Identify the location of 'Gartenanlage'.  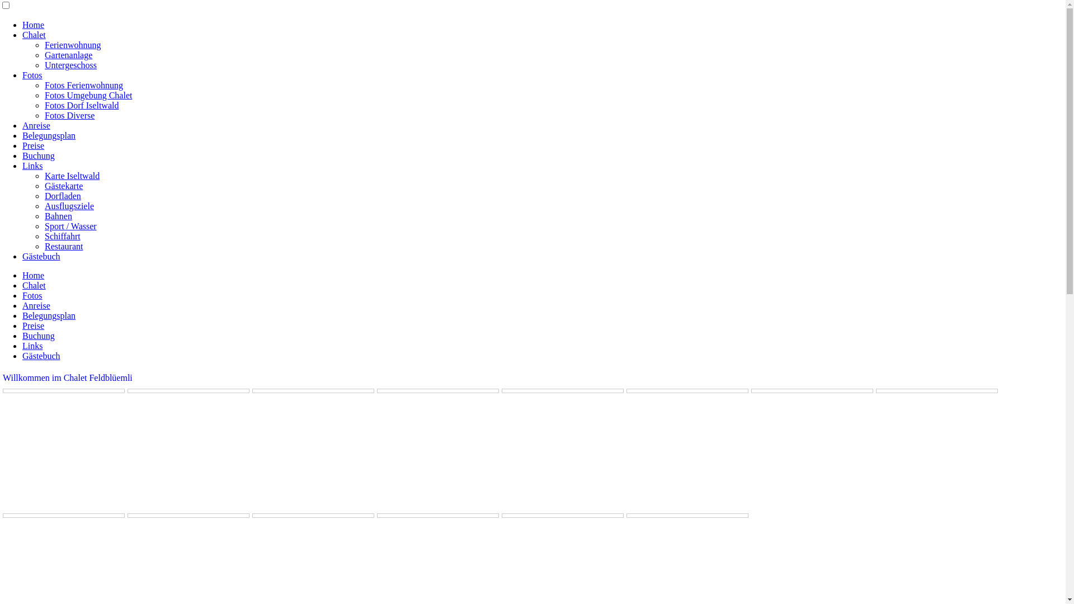
(45, 55).